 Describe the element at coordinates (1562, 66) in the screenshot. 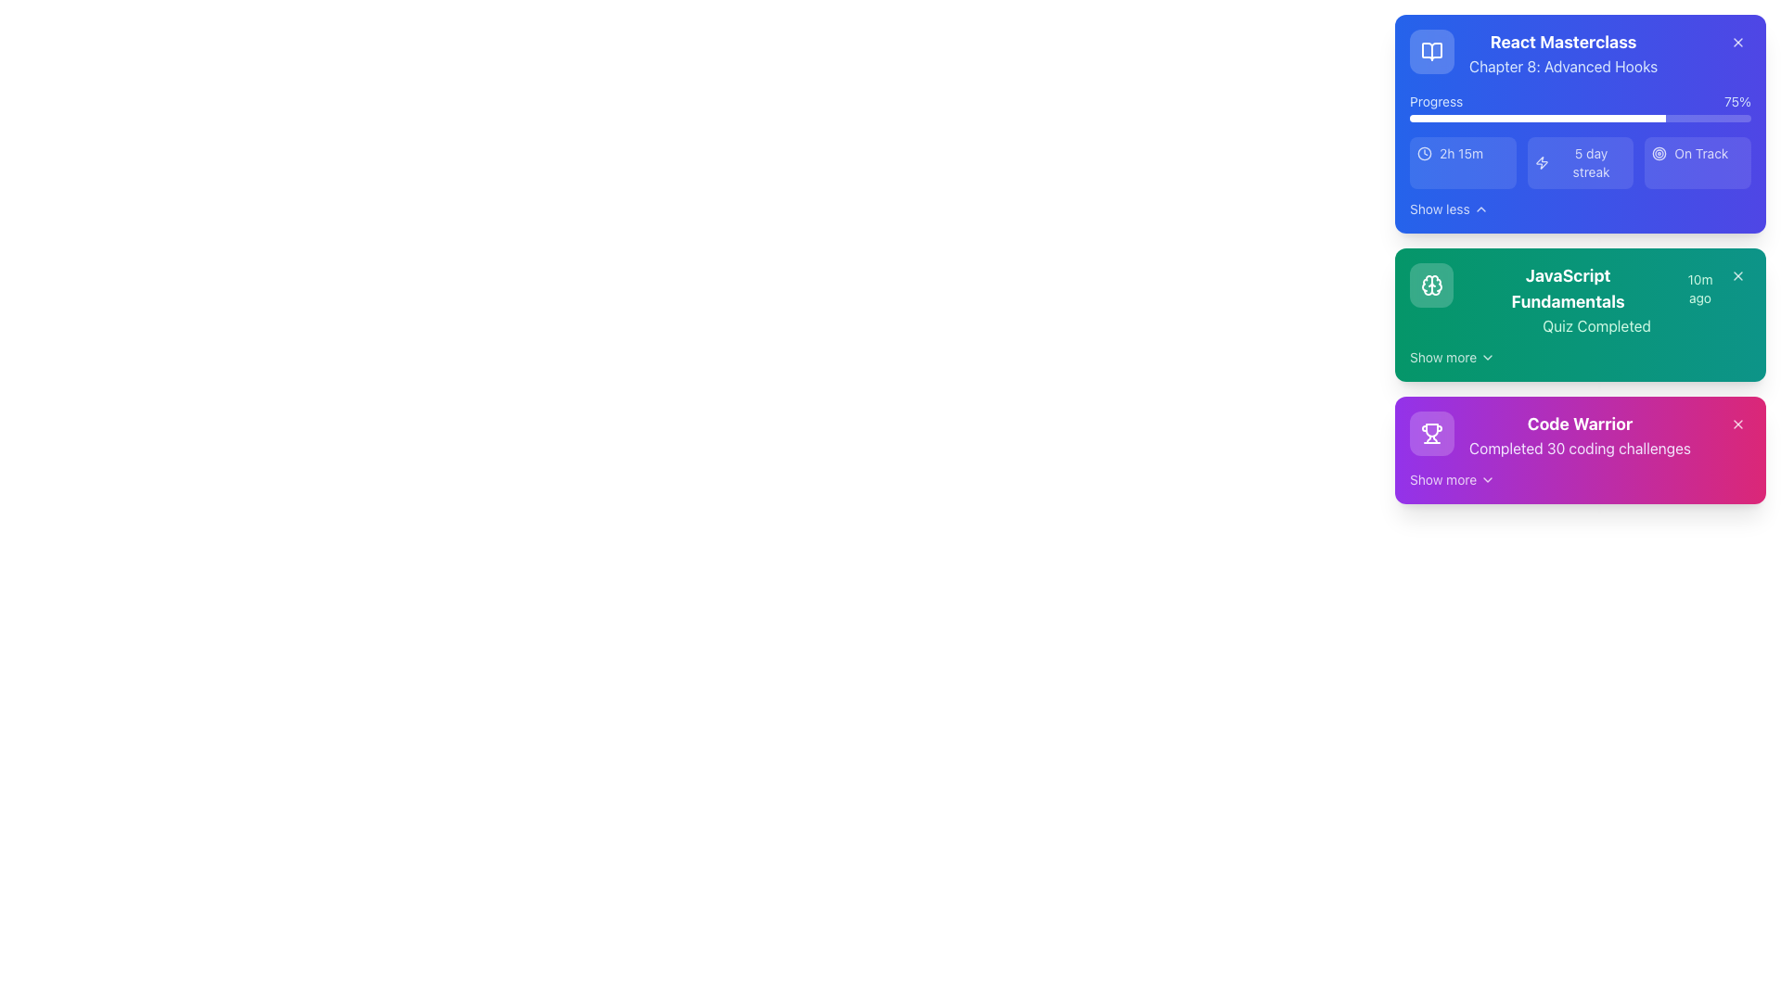

I see `subtitle text element located below the title 'React Masterclass' in the blue card at the top of the interface` at that location.